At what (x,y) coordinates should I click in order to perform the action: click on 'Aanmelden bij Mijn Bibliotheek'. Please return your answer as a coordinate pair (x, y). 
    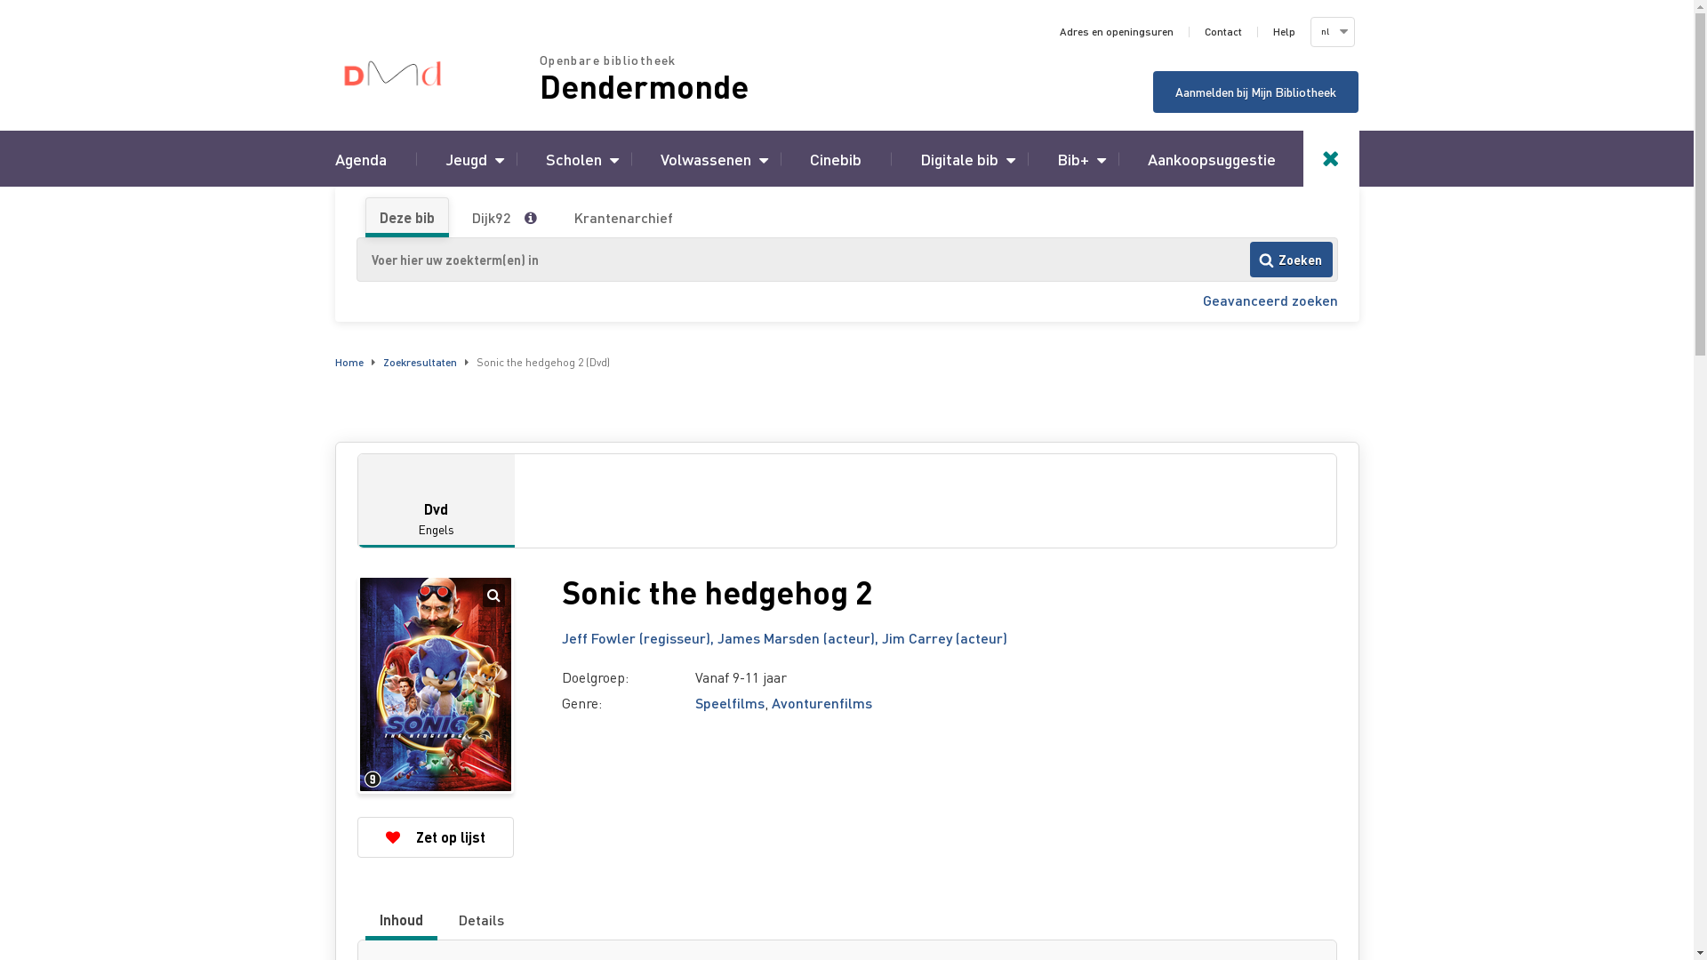
    Looking at the image, I should click on (1254, 92).